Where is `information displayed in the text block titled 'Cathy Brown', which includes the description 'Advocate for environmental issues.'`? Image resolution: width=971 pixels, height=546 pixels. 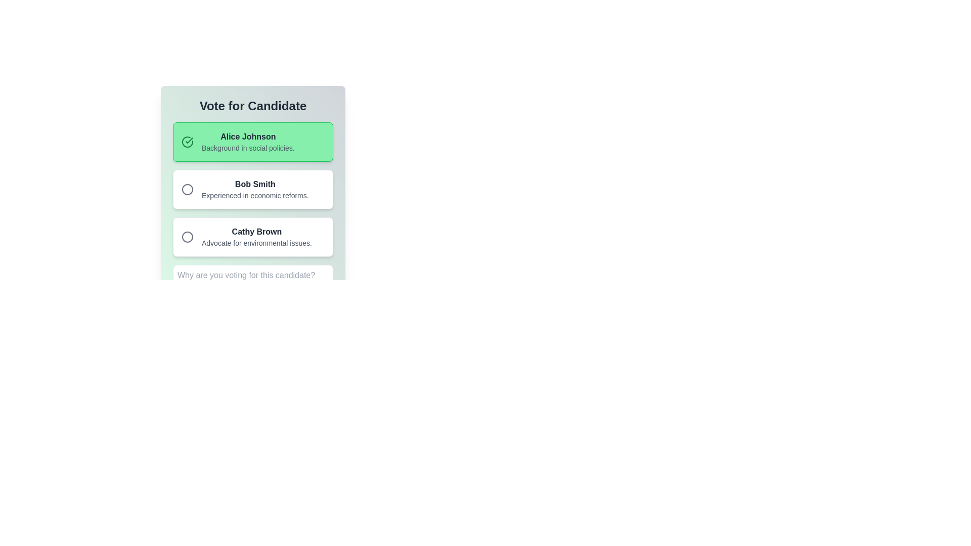 information displayed in the text block titled 'Cathy Brown', which includes the description 'Advocate for environmental issues.' is located at coordinates (257, 237).